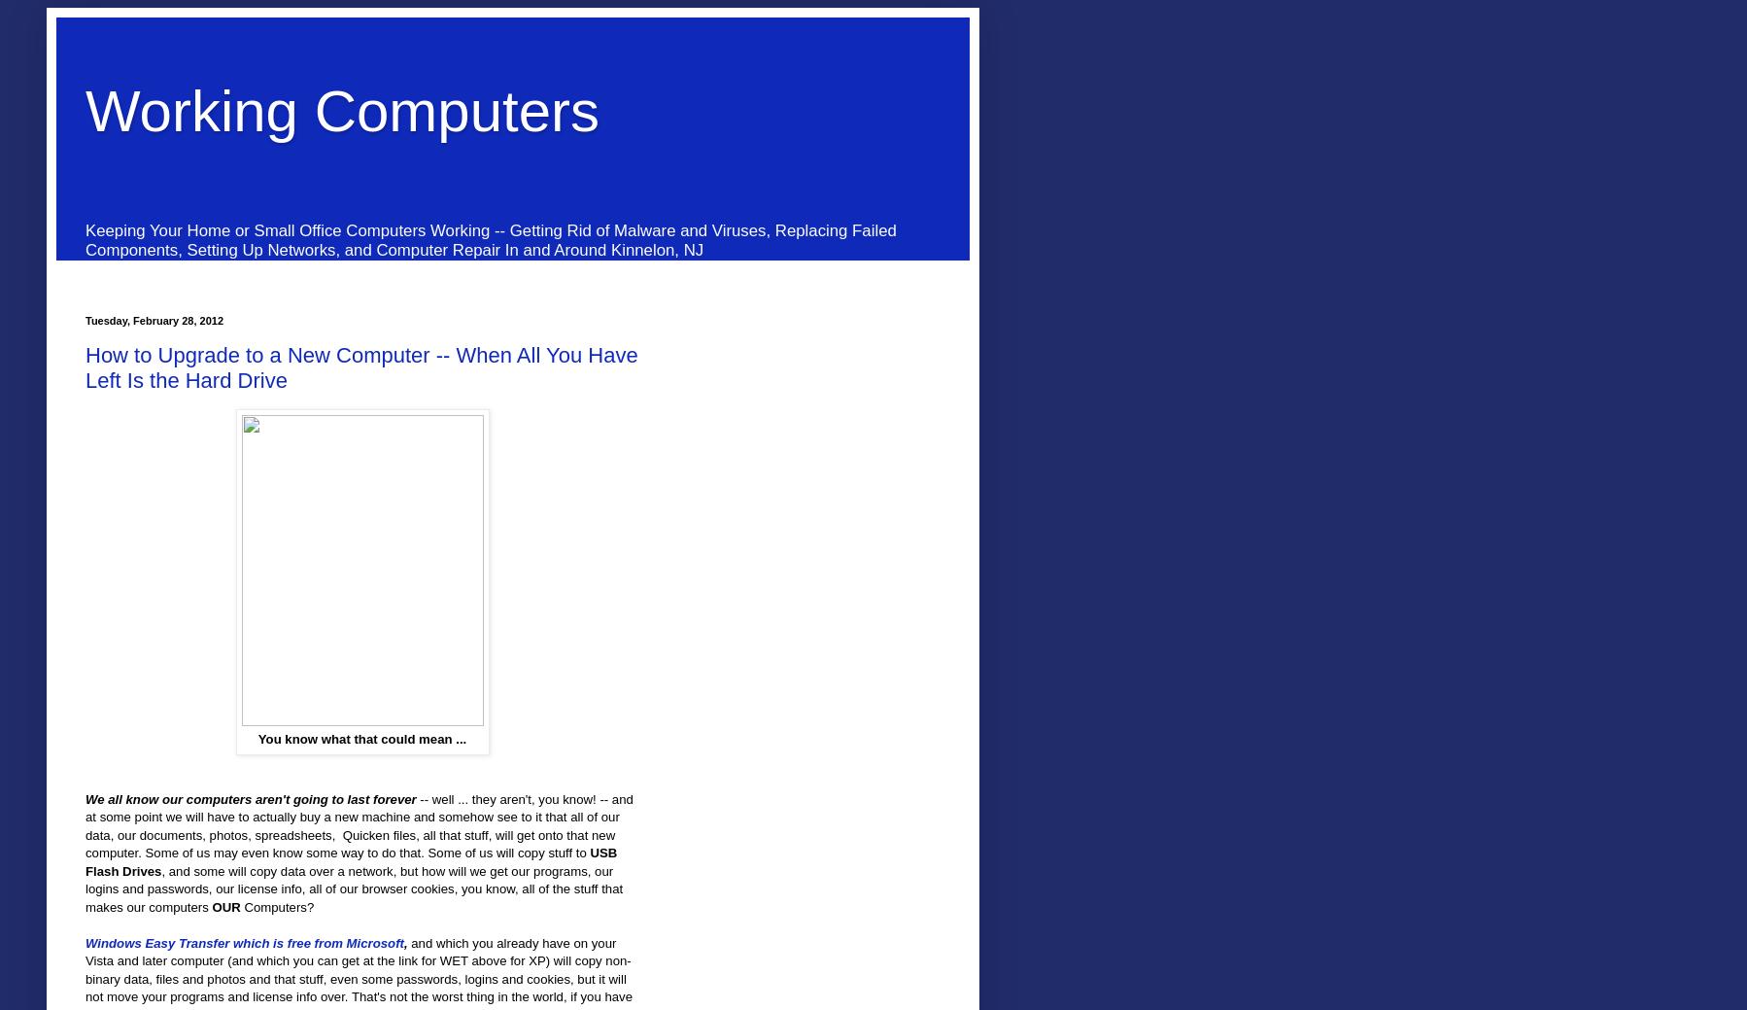 This screenshot has width=1747, height=1010. What do you see at coordinates (276, 906) in the screenshot?
I see `'Computers?'` at bounding box center [276, 906].